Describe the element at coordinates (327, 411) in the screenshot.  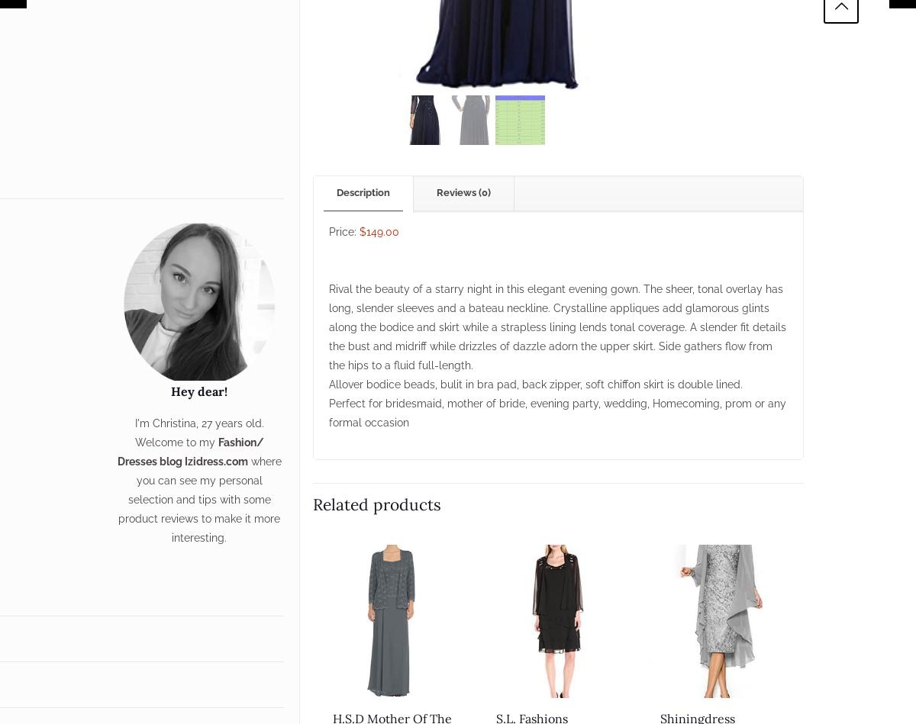
I see `'Perfect for bridesmaid, mother of bride, evening party, wedding, Homecoming, prom or any formal occasion'` at that location.